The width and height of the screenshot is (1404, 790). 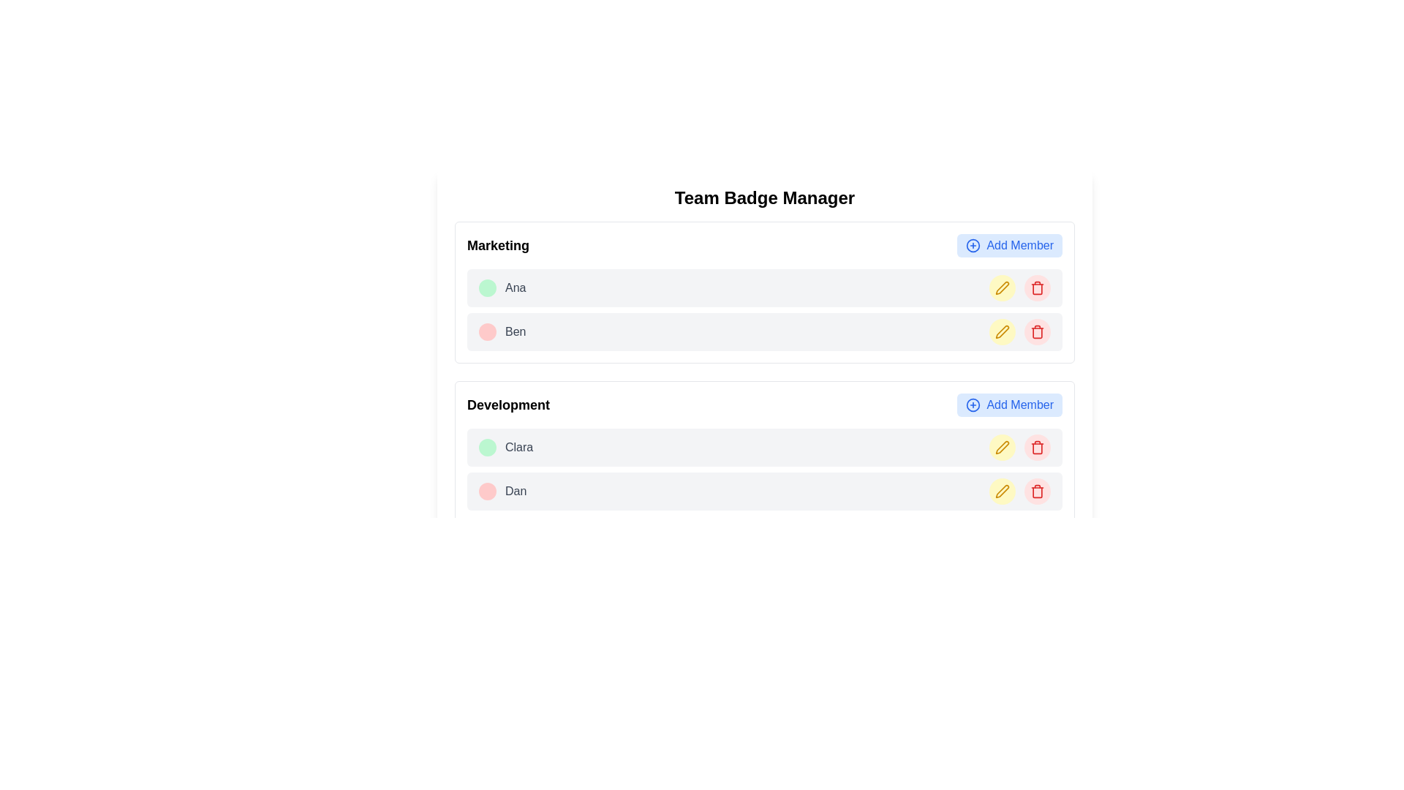 I want to click on the badge with a red background indicating the status of user 'Dan', located in the 'Development' section to the left of 'Dan', so click(x=496, y=494).